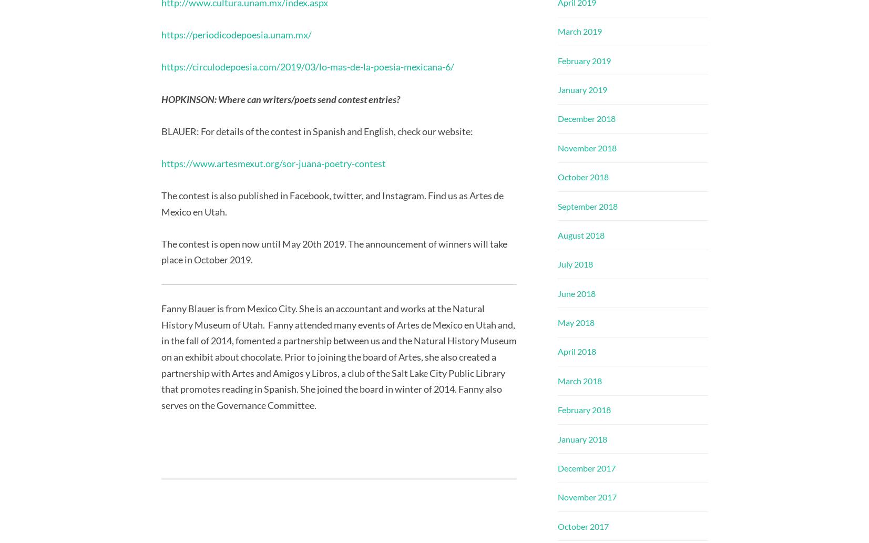  I want to click on 'Fanny Blauer is from Mexico City. She is an accountant and works at the Natural History Museum of Utah.  Fanny attended many events of Artes de Mexico en Utah and, in the fall of 2014, fomented a partnership between us and the Natural History Museum on an exhibit about chocolate. Prior to joining the board of Artes, she also created a partnership with Artes and Amigos y Libros, a club of the Salt Lake City Public Library that promotes reading in Spanish. She joined the board in winter of 2014. Fanny also serves on the Governance Committee.', so click(338, 356).